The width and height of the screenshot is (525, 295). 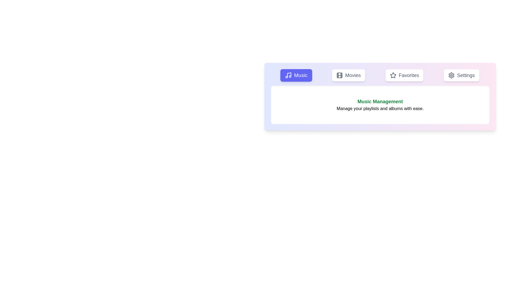 I want to click on the Music tab by clicking on its respective button, so click(x=296, y=75).